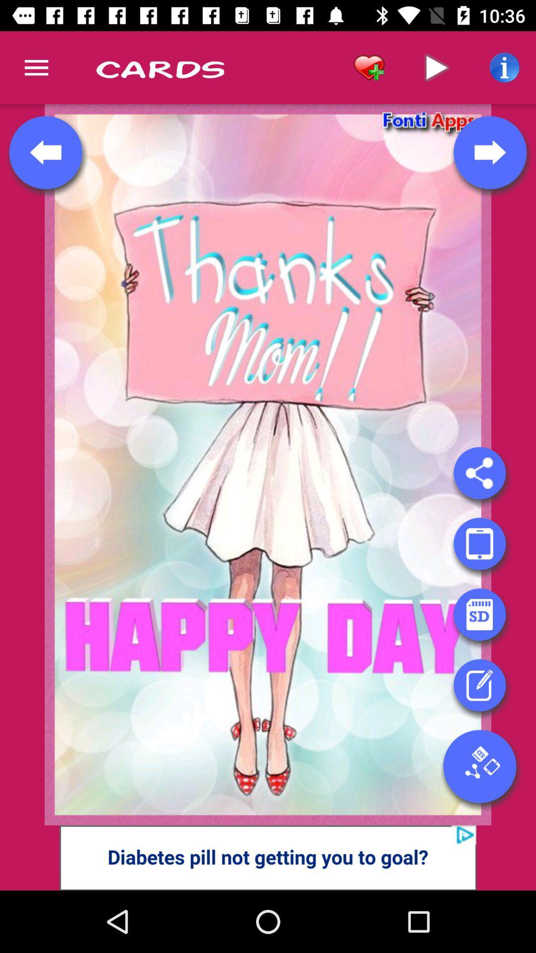  Describe the element at coordinates (479, 473) in the screenshot. I see `the share icon` at that location.